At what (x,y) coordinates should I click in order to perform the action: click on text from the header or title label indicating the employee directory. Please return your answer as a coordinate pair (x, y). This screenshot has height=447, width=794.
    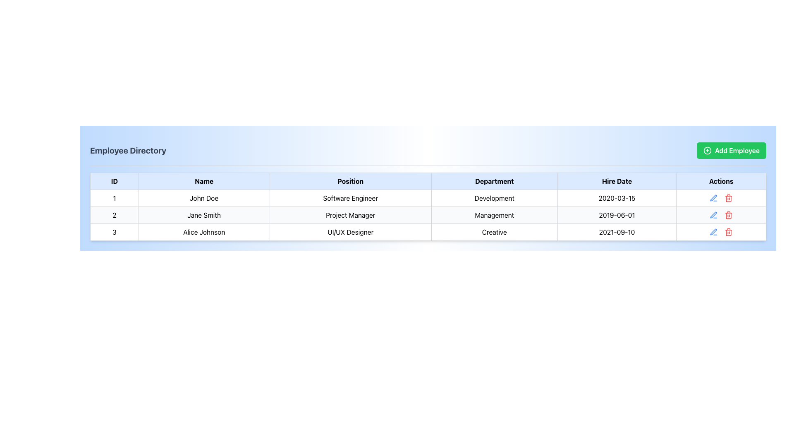
    Looking at the image, I should click on (128, 150).